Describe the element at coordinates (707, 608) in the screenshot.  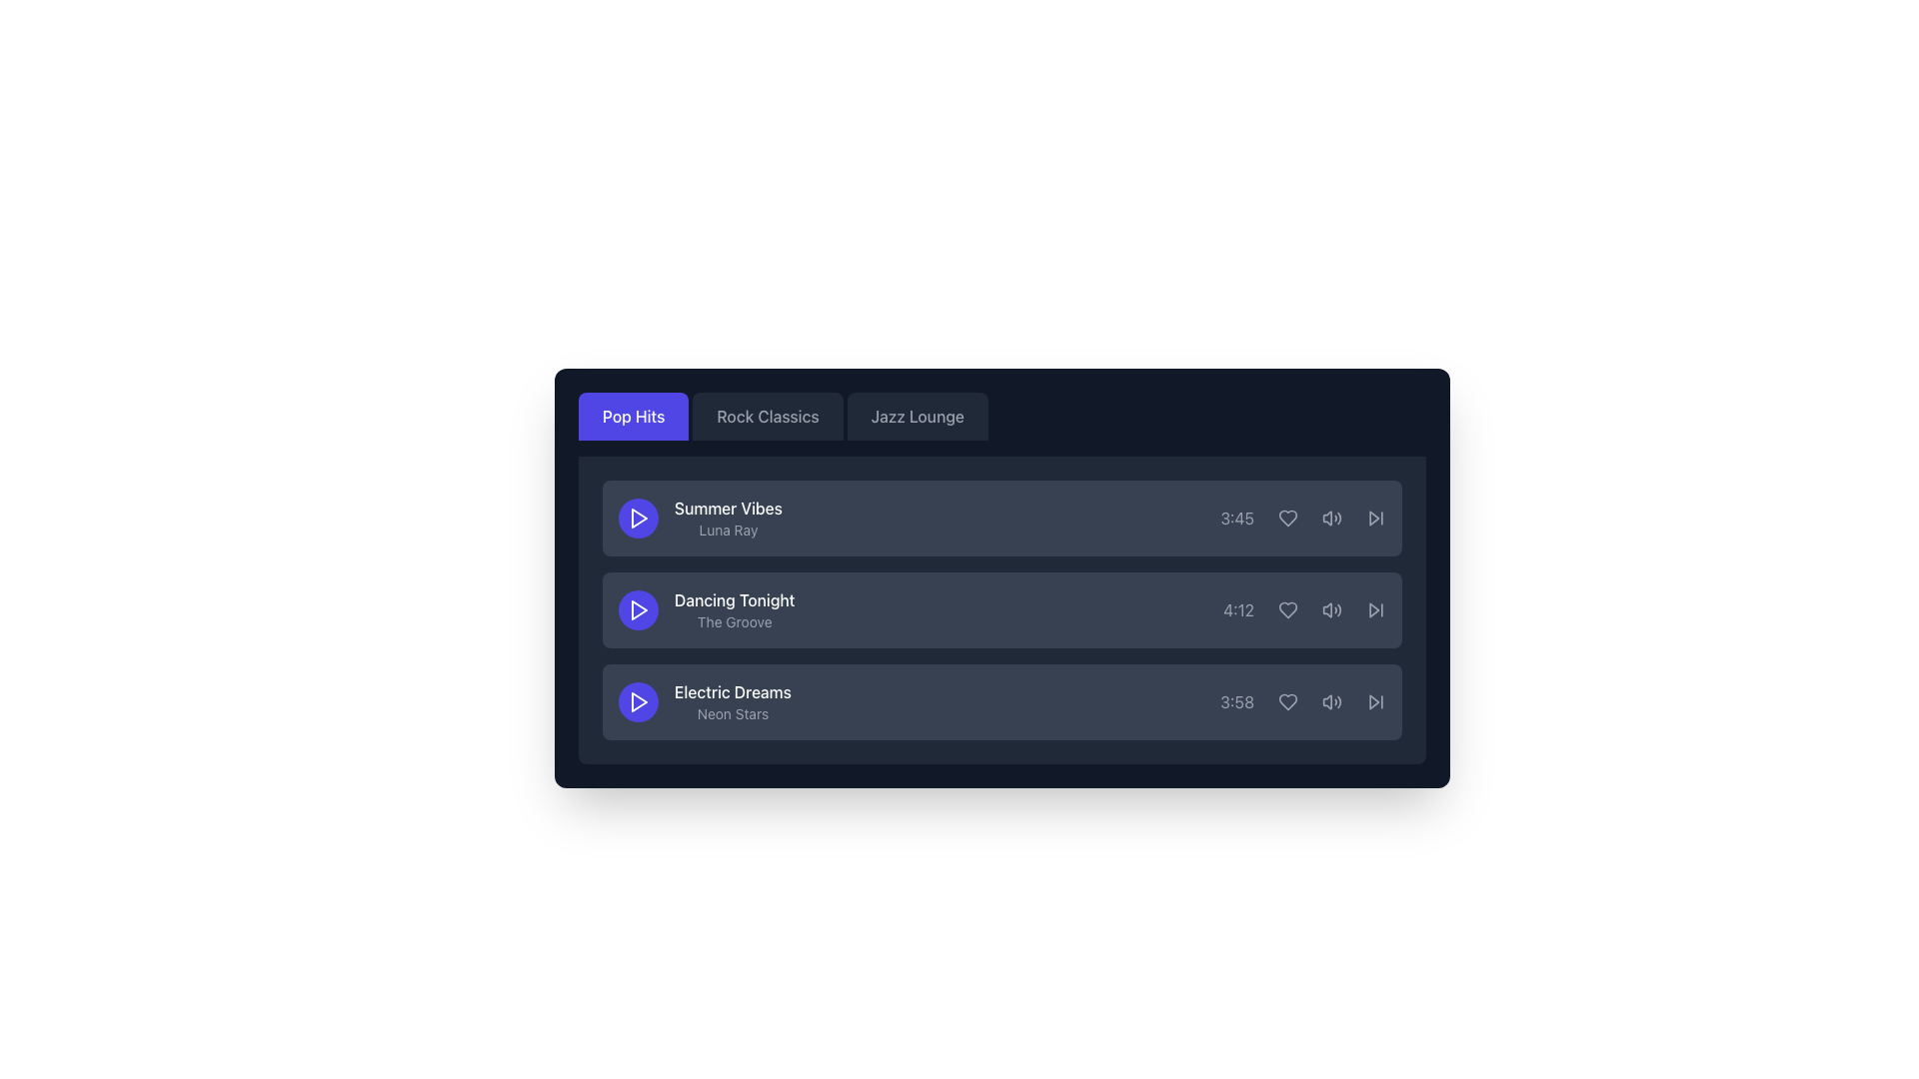
I see `the text display showing the song title 'Dancing Tonight' by 'The Groove'` at that location.